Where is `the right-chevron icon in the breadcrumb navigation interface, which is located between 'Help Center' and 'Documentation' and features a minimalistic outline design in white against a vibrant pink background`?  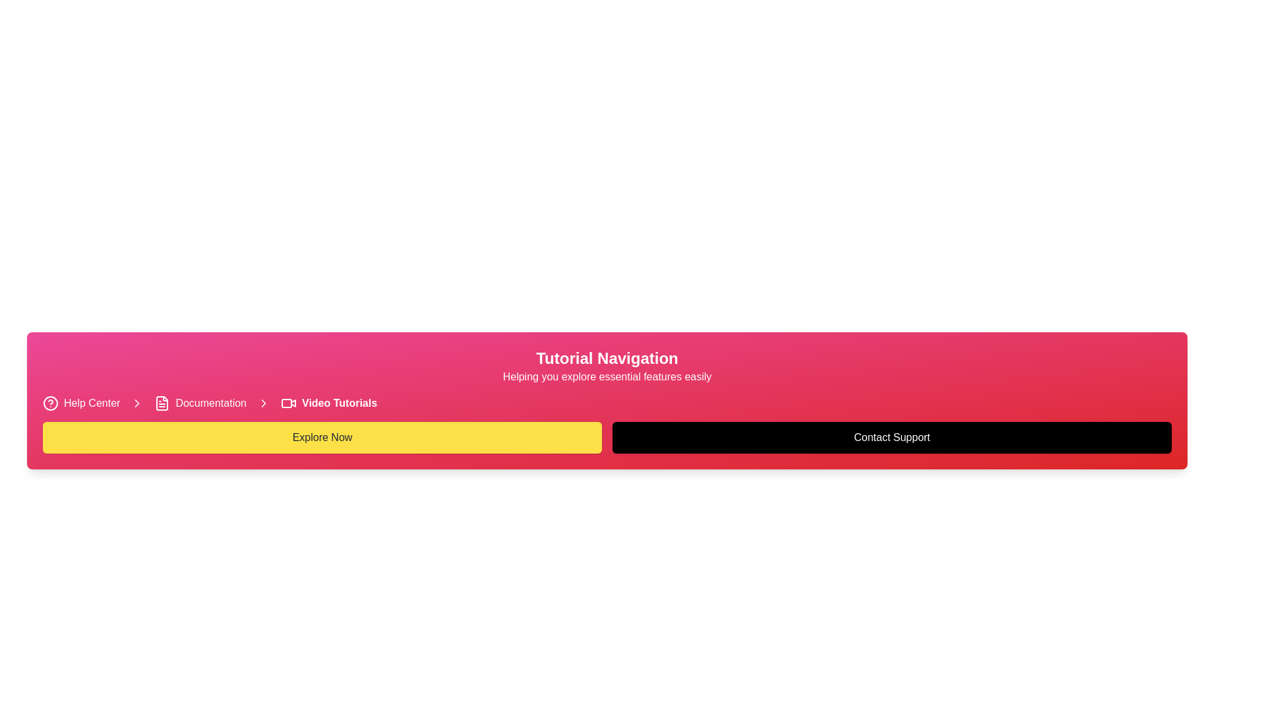
the right-chevron icon in the breadcrumb navigation interface, which is located between 'Help Center' and 'Documentation' and features a minimalistic outline design in white against a vibrant pink background is located at coordinates (137, 403).